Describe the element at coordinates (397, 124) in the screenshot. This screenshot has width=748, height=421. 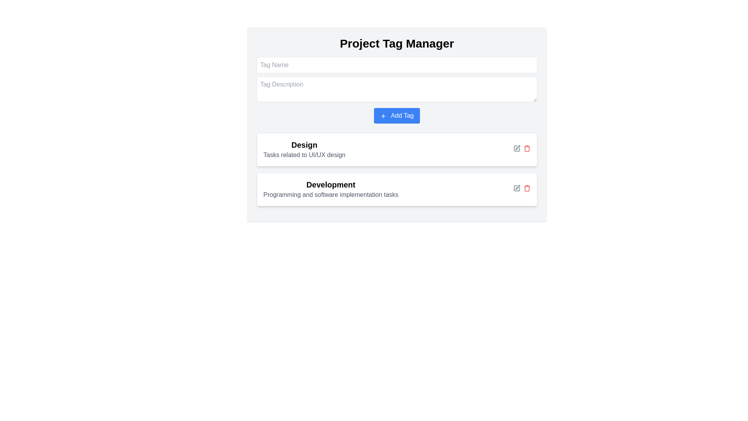
I see `the button for adding a new tag, which is located directly below the 'Tag Name' and 'Tag Description' input fields and above the categorized list of 'Design' and 'Development'` at that location.